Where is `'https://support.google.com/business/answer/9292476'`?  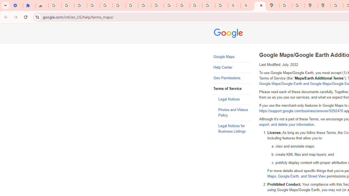 'https://support.google.com/business/answer/9292476' is located at coordinates (301, 111).